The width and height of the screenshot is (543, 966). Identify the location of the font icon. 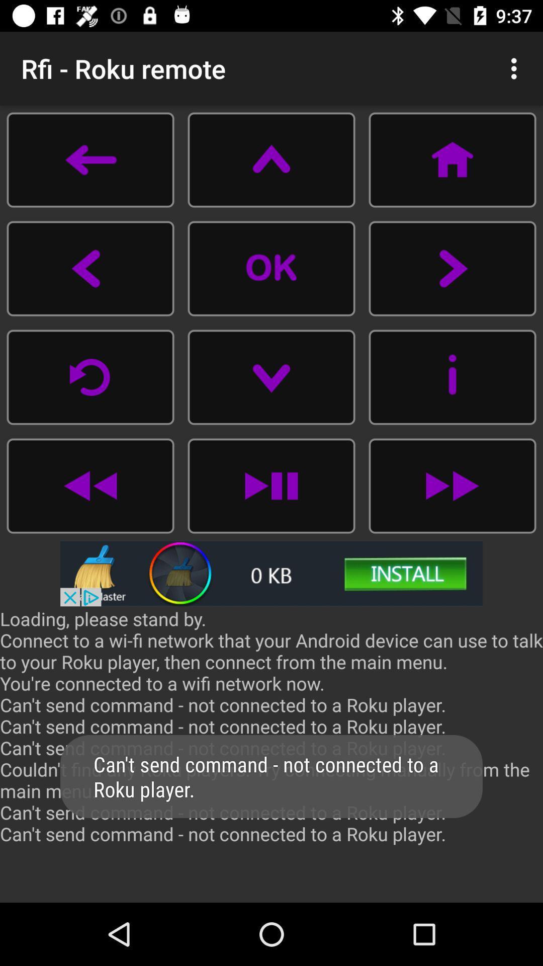
(271, 159).